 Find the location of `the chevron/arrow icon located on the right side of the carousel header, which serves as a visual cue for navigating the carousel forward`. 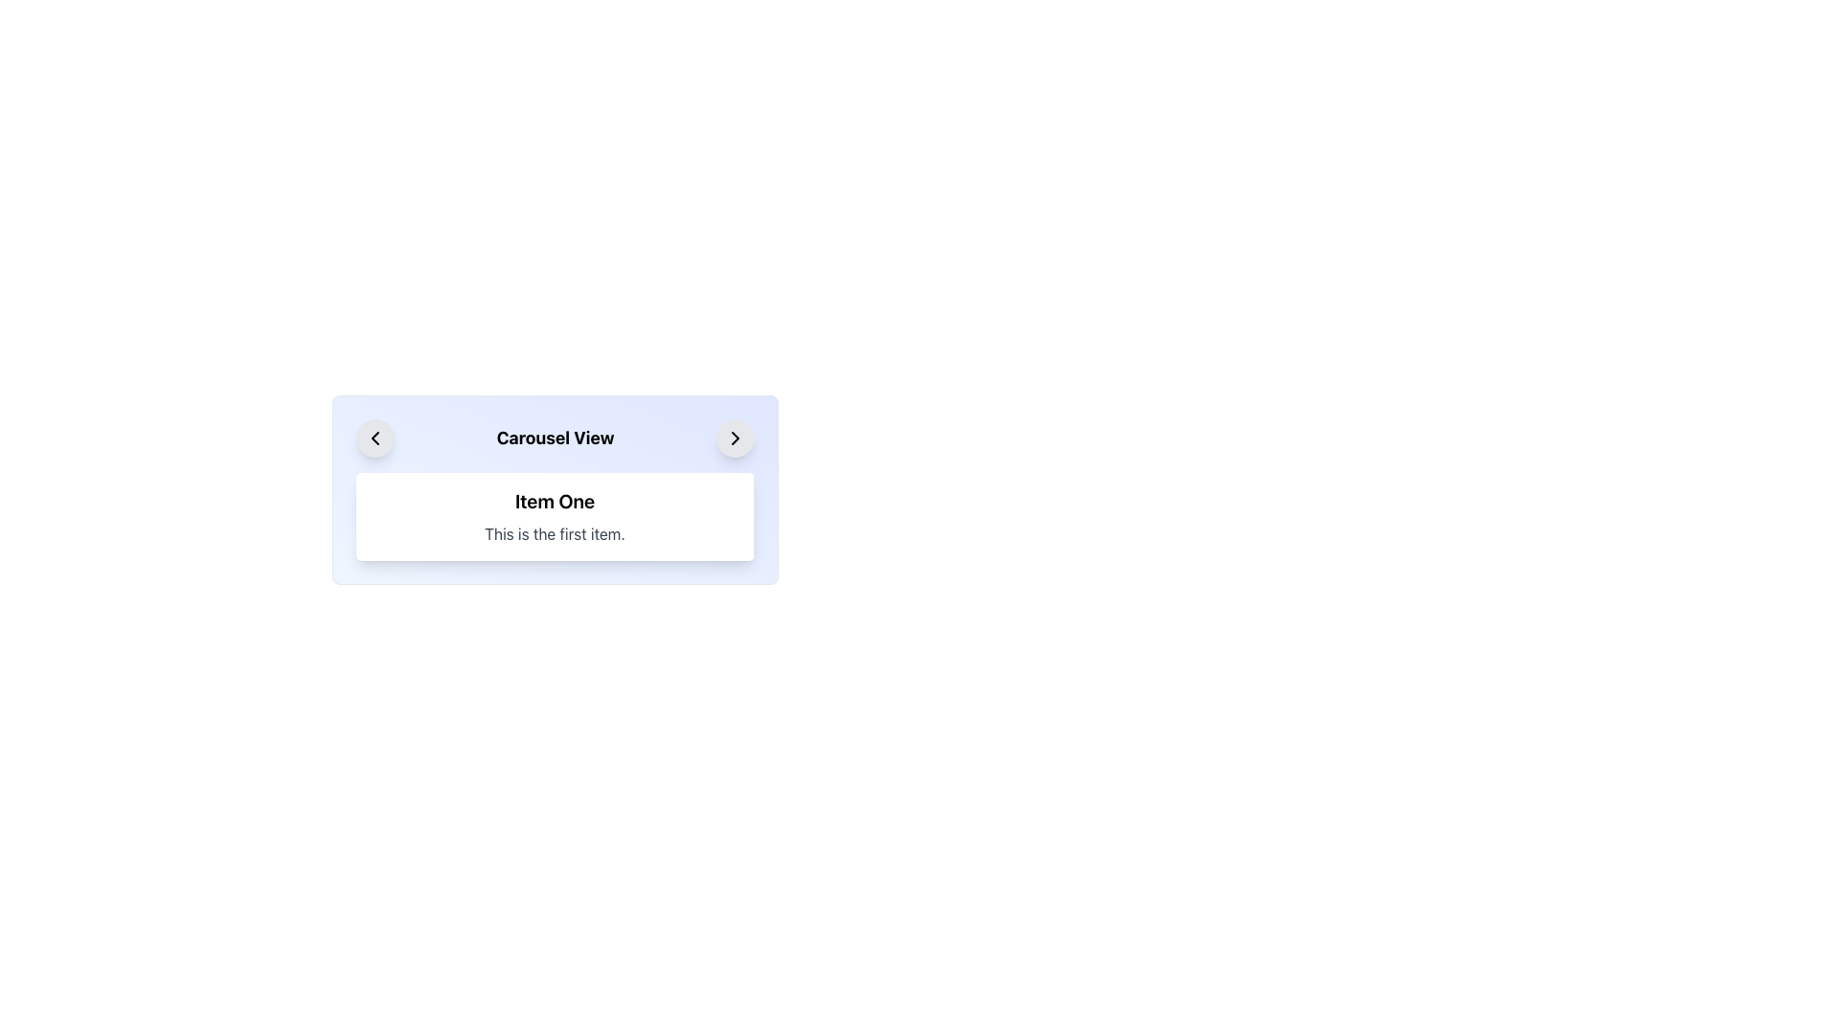

the chevron/arrow icon located on the right side of the carousel header, which serves as a visual cue for navigating the carousel forward is located at coordinates (735, 438).